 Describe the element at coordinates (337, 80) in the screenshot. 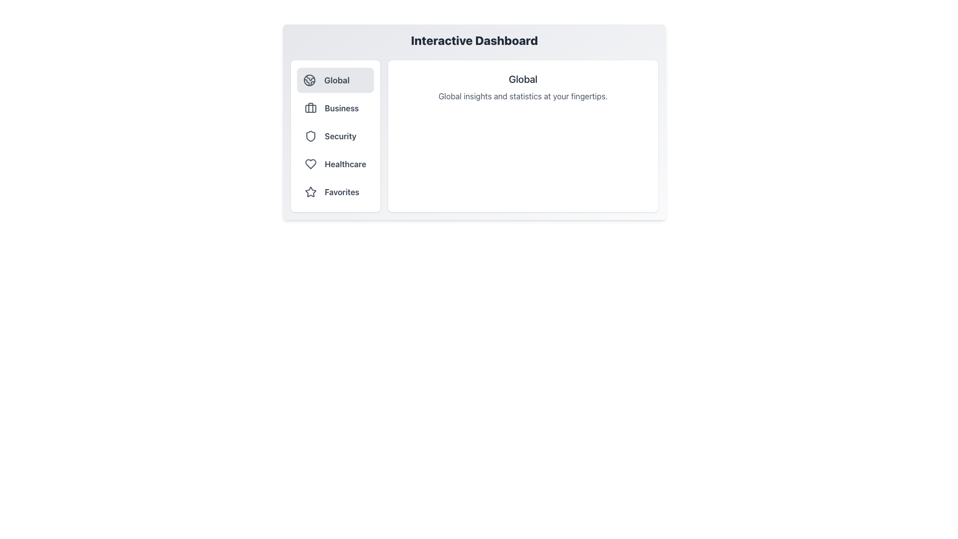

I see `label text associated with the navigation button located below the globe icon in the topmost item of the vertically aligned menu list` at that location.